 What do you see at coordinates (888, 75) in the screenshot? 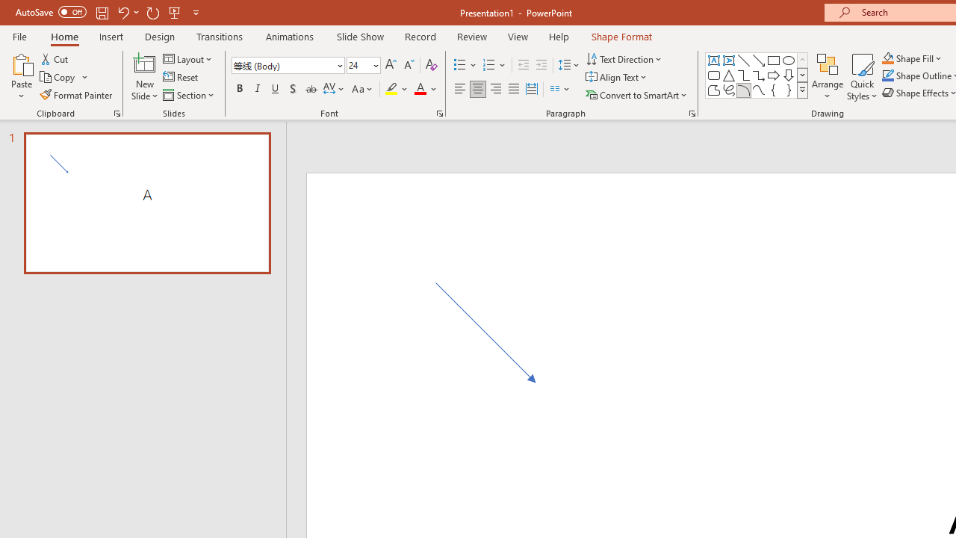
I see `'Shape Outline Blue, Accent 1'` at bounding box center [888, 75].